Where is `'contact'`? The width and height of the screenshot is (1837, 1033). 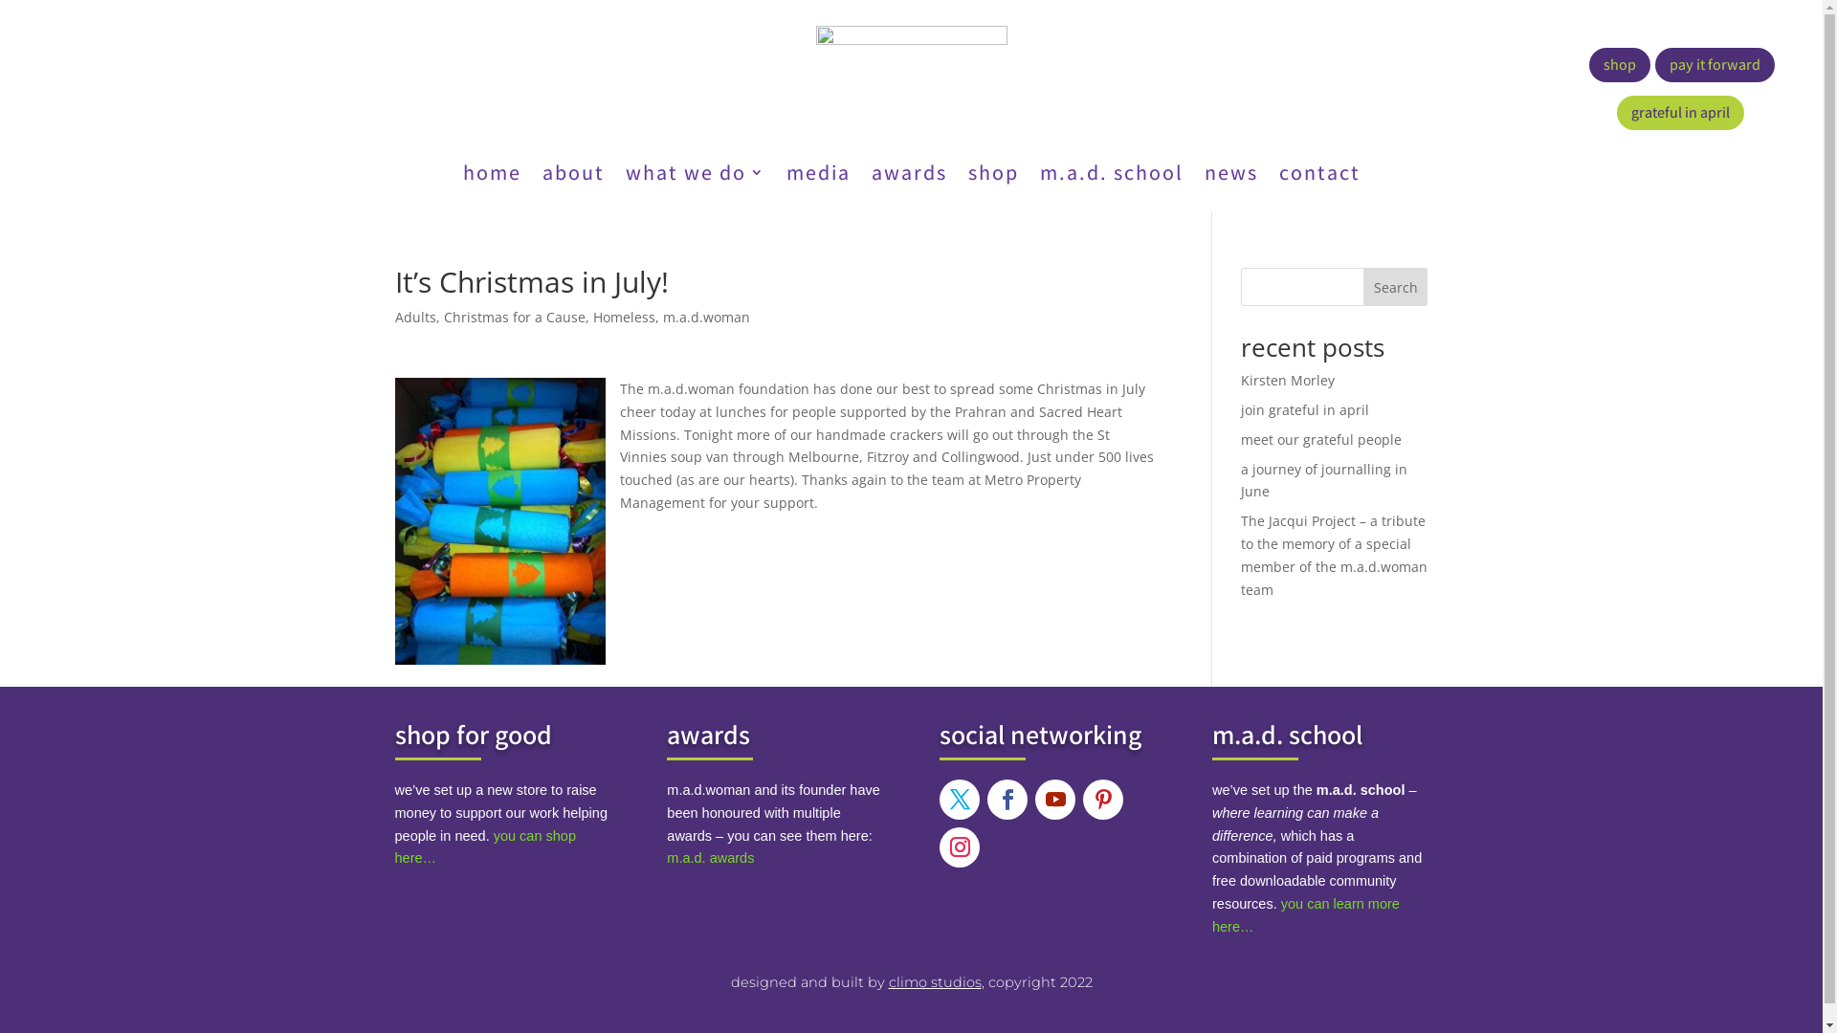
'contact' is located at coordinates (1317, 176).